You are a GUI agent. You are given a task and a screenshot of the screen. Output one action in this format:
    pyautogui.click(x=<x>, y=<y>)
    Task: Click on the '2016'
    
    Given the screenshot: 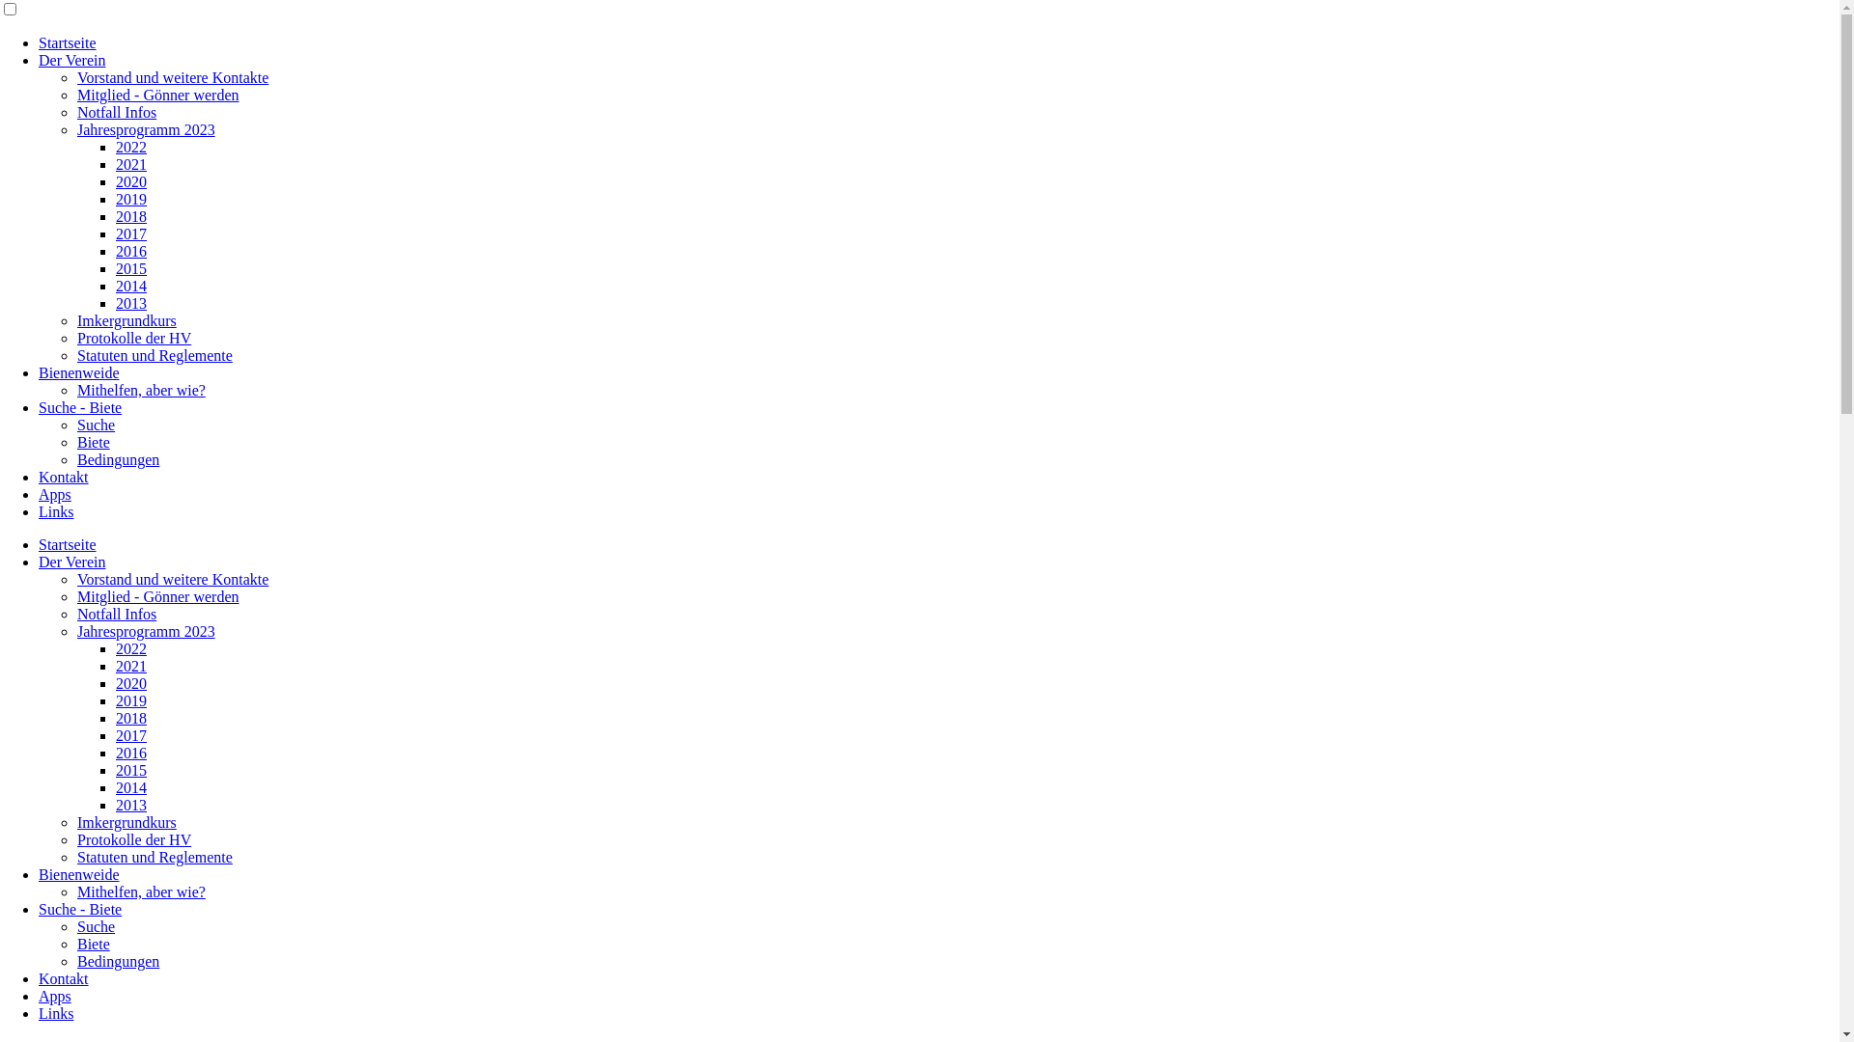 What is the action you would take?
    pyautogui.click(x=129, y=752)
    